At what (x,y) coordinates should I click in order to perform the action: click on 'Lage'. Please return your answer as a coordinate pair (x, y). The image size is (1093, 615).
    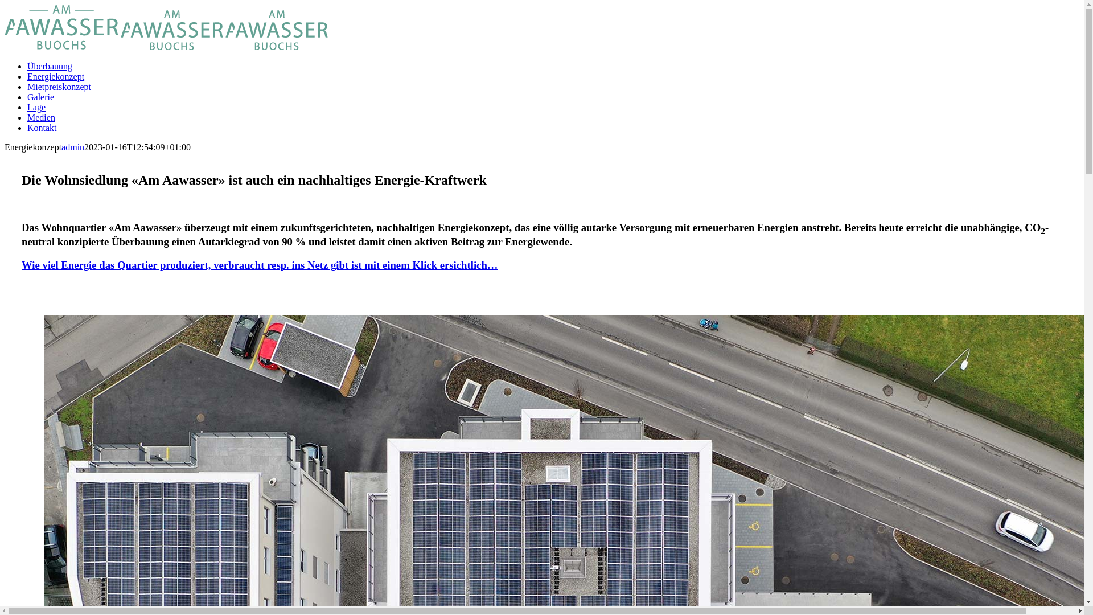
    Looking at the image, I should click on (36, 107).